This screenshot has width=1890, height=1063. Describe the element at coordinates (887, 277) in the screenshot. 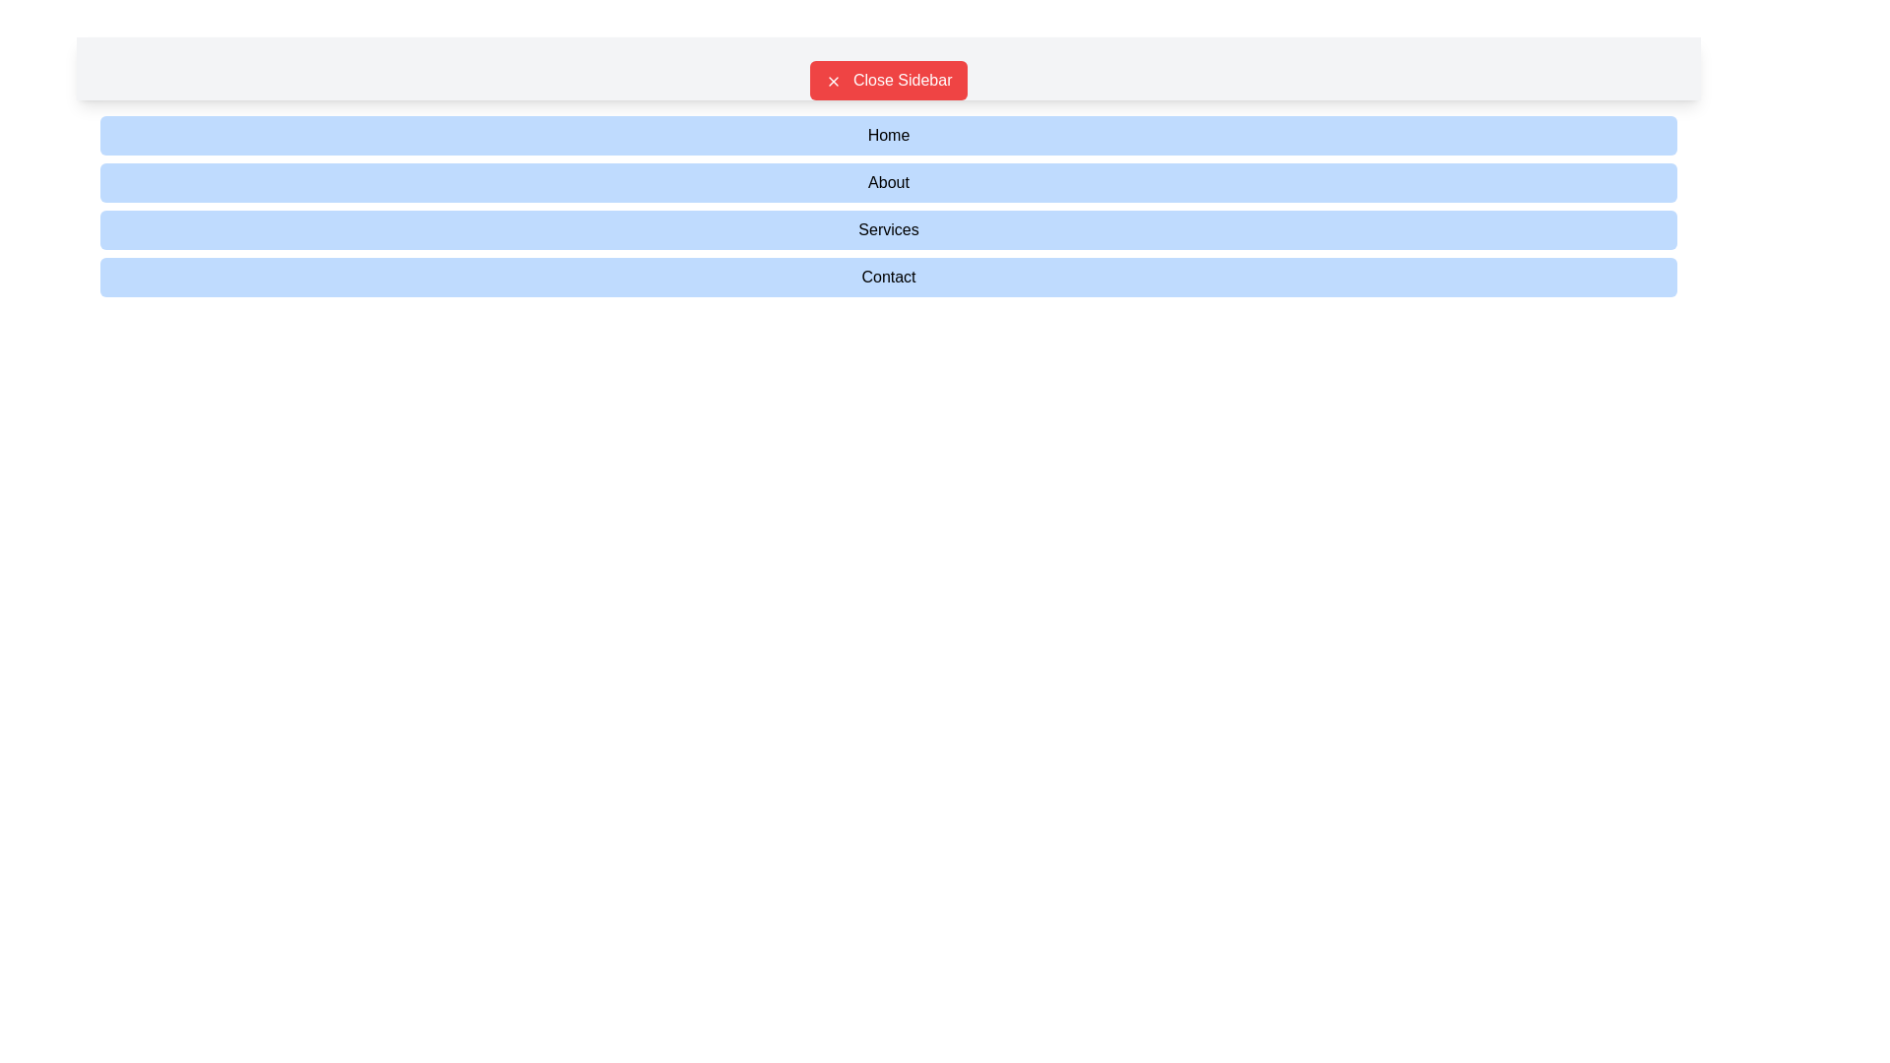

I see `the 'Contact' button located at the bottom of a vertically stacked list of buttons` at that location.